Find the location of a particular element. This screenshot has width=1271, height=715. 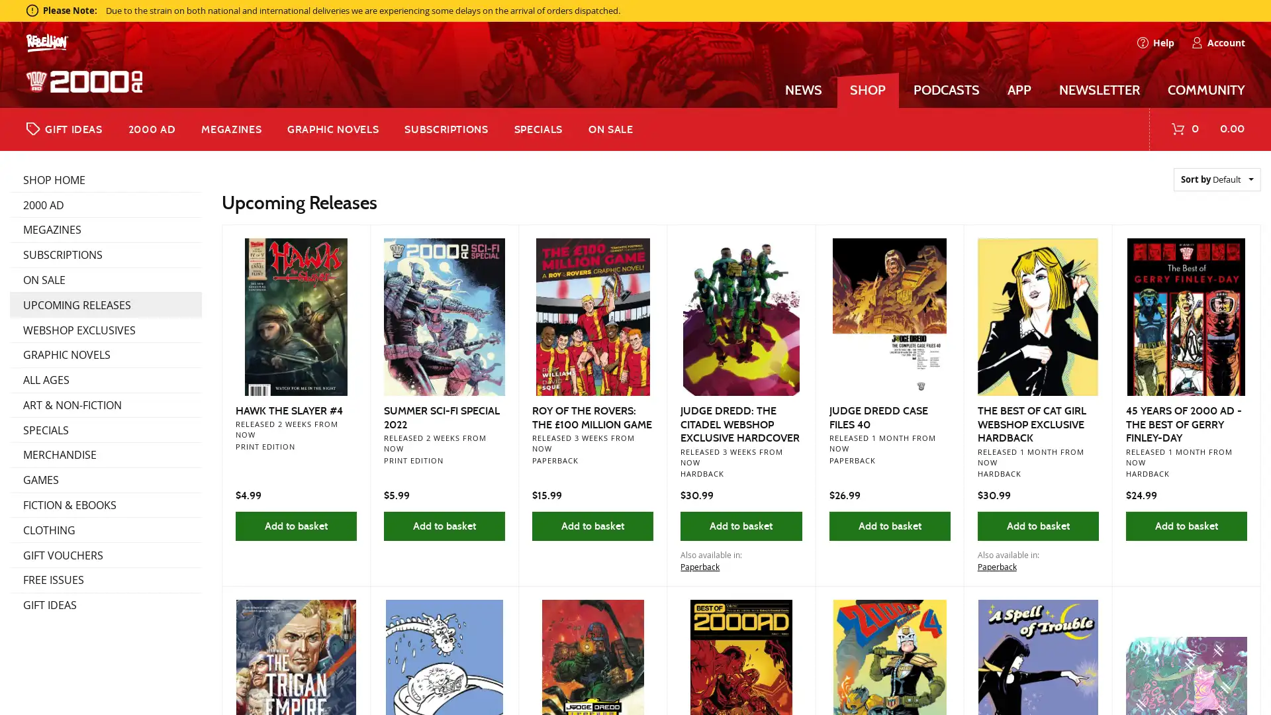

Add to basket is located at coordinates (1186, 525).